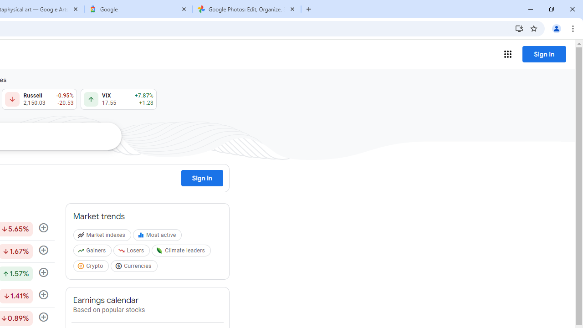 The width and height of the screenshot is (583, 328). What do you see at coordinates (159, 236) in the screenshot?
I see `'Most active'` at bounding box center [159, 236].